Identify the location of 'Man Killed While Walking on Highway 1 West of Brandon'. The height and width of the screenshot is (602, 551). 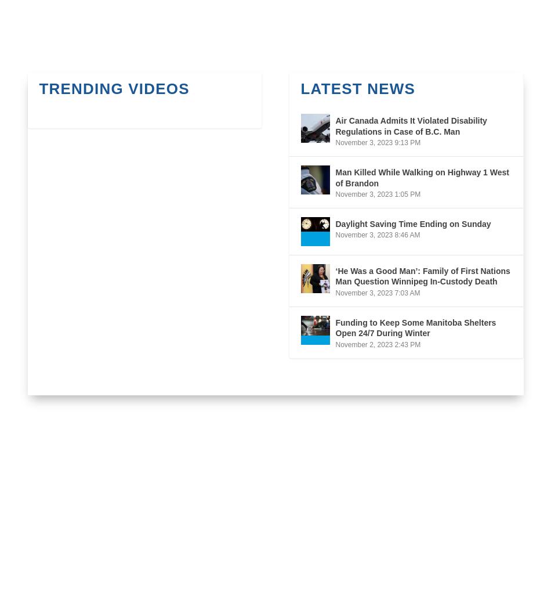
(335, 177).